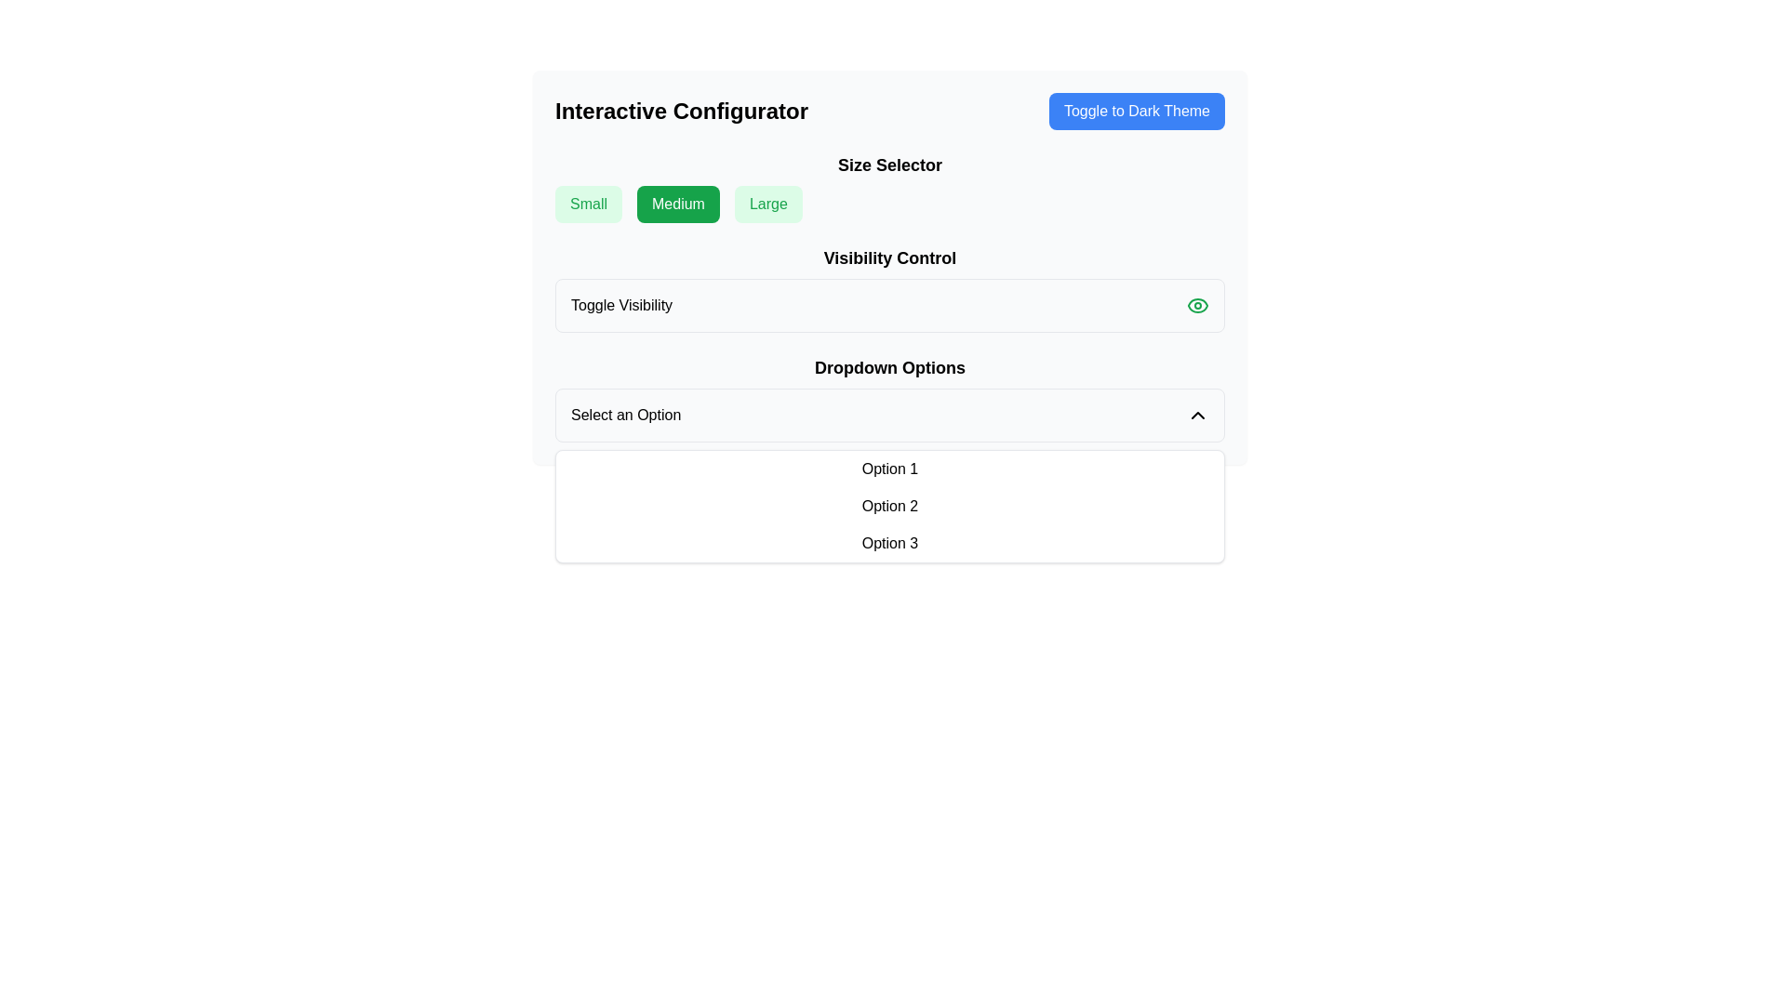 This screenshot has height=1004, width=1786. I want to click on the medium size selector button, which is the second button in the Size Selector group located near the top-left area of the interface, so click(677, 204).